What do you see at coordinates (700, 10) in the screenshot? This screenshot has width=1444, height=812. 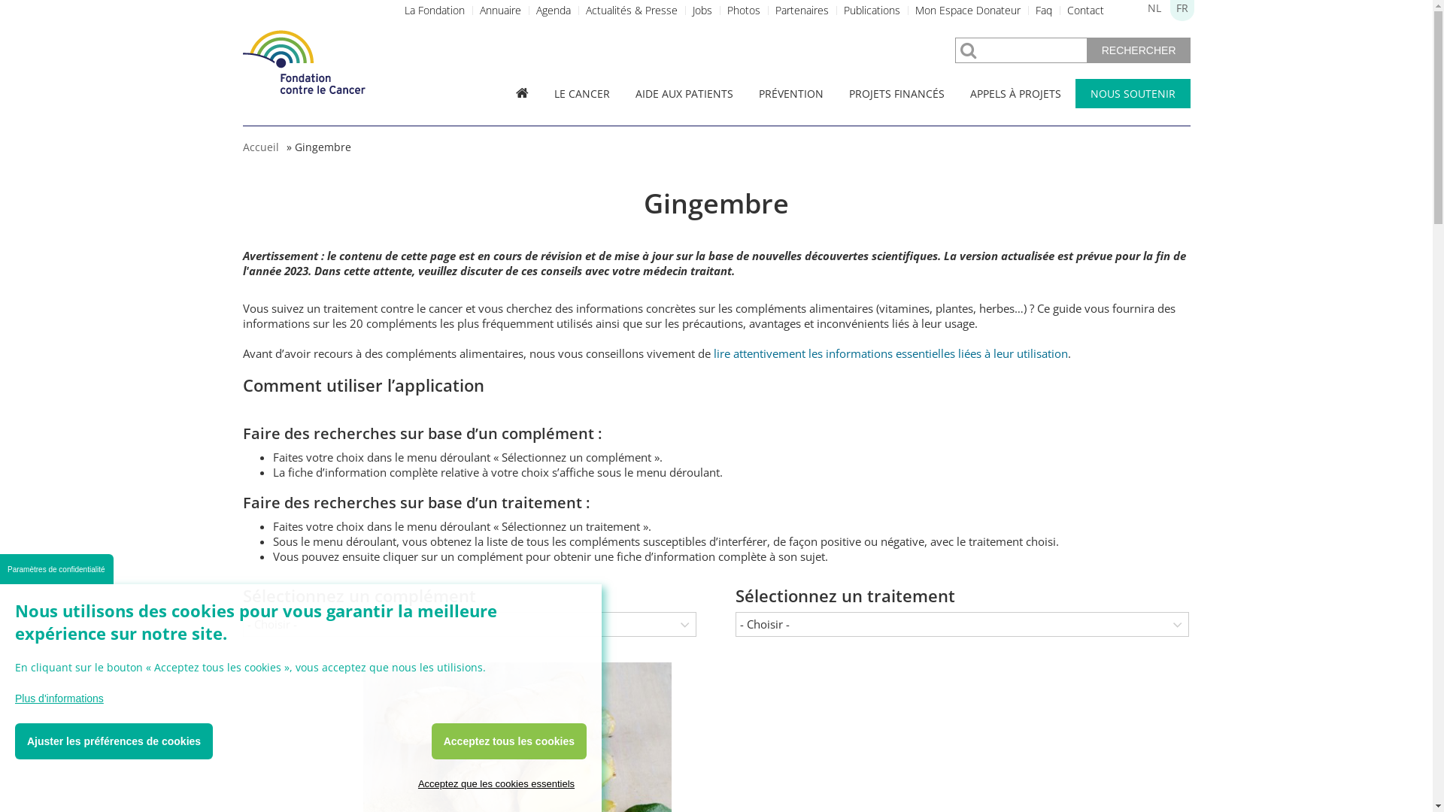 I see `'Jobs'` at bounding box center [700, 10].